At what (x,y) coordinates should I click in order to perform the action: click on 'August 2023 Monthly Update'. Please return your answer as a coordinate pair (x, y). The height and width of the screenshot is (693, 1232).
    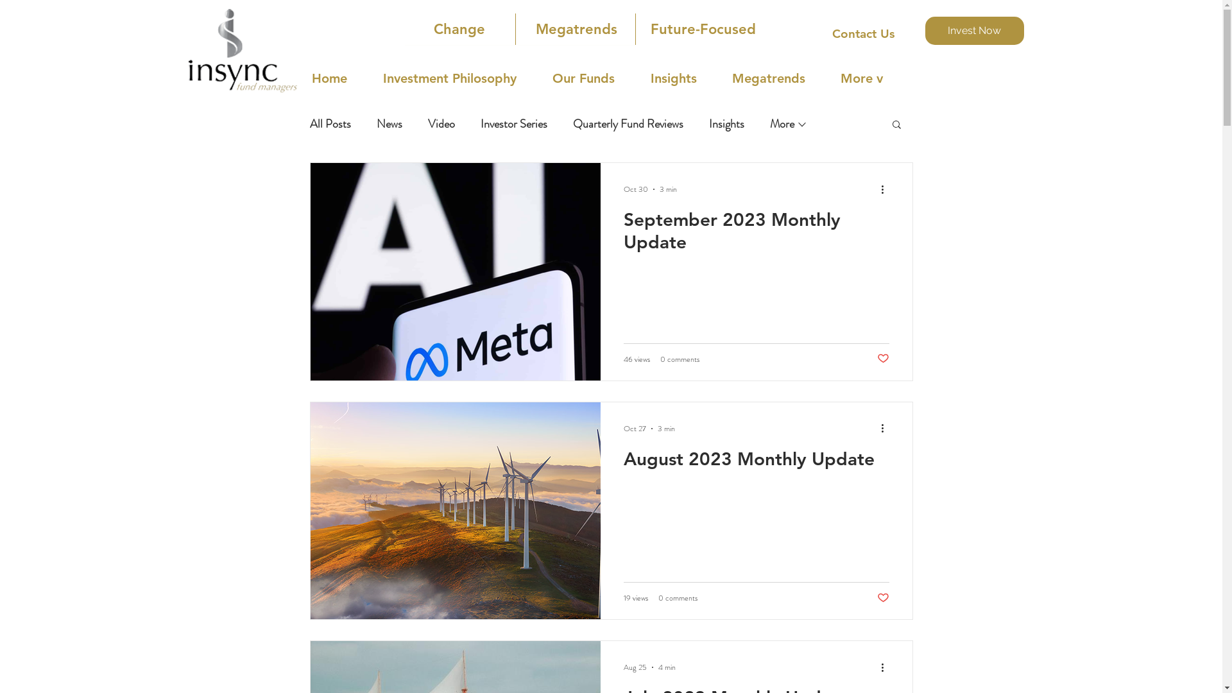
    Looking at the image, I should click on (757, 462).